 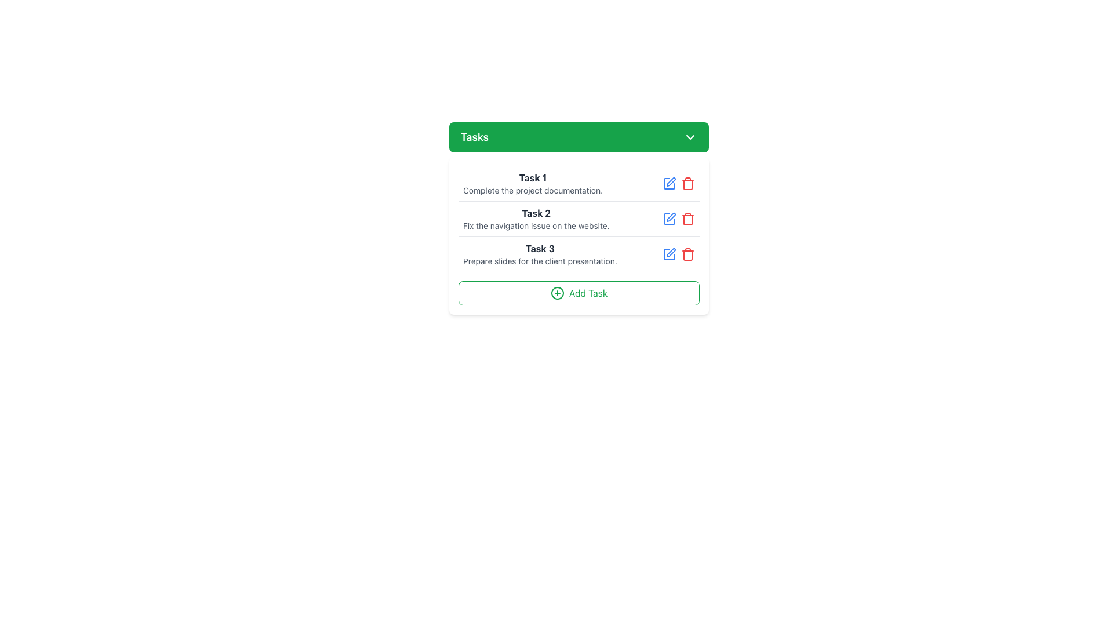 What do you see at coordinates (539, 261) in the screenshot?
I see `the description text element located in the 'Task 3' section, which is positioned directly below the 'Task 3' title and above the editing and deleting icons` at bounding box center [539, 261].